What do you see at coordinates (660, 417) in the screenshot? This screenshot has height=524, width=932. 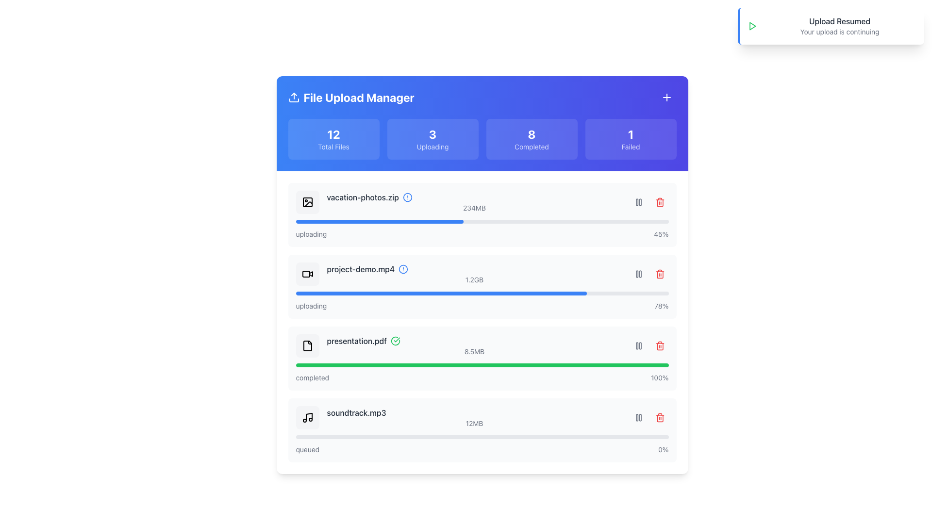 I see `the delete icon for the 'presentation.pdf' file` at bounding box center [660, 417].